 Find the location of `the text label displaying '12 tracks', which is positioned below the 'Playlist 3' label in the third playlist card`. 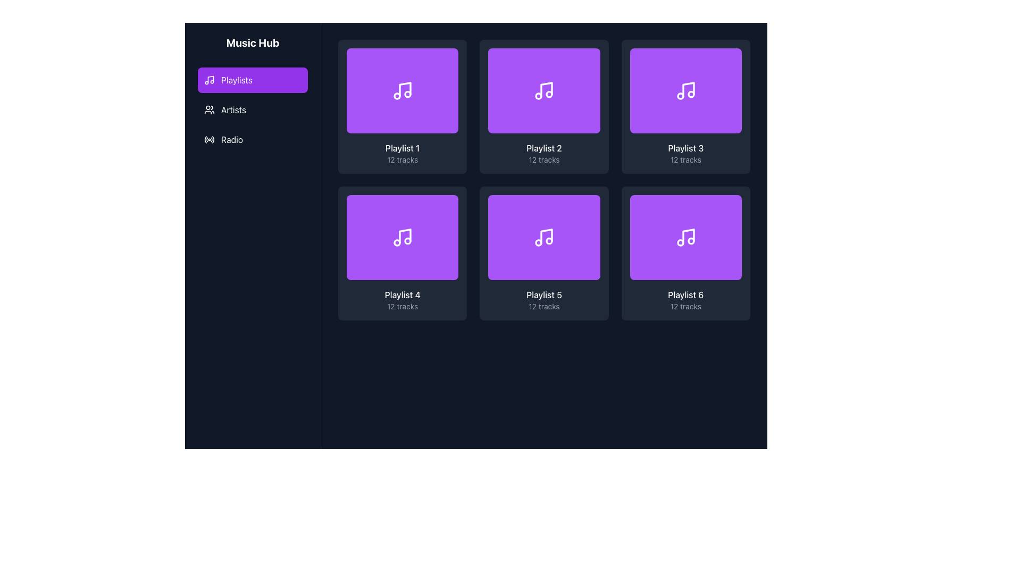

the text label displaying '12 tracks', which is positioned below the 'Playlist 3' label in the third playlist card is located at coordinates (685, 159).